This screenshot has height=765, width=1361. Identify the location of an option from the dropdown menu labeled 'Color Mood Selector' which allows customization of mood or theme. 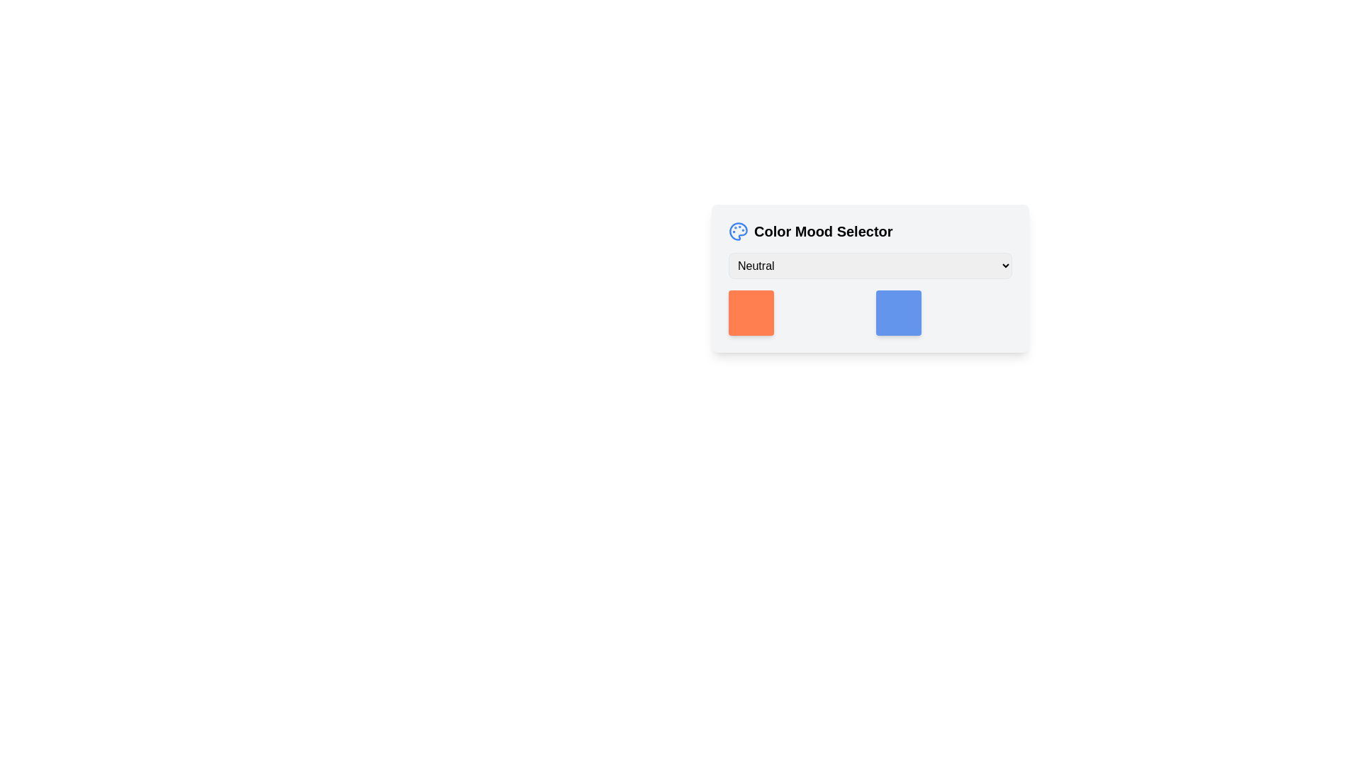
(870, 265).